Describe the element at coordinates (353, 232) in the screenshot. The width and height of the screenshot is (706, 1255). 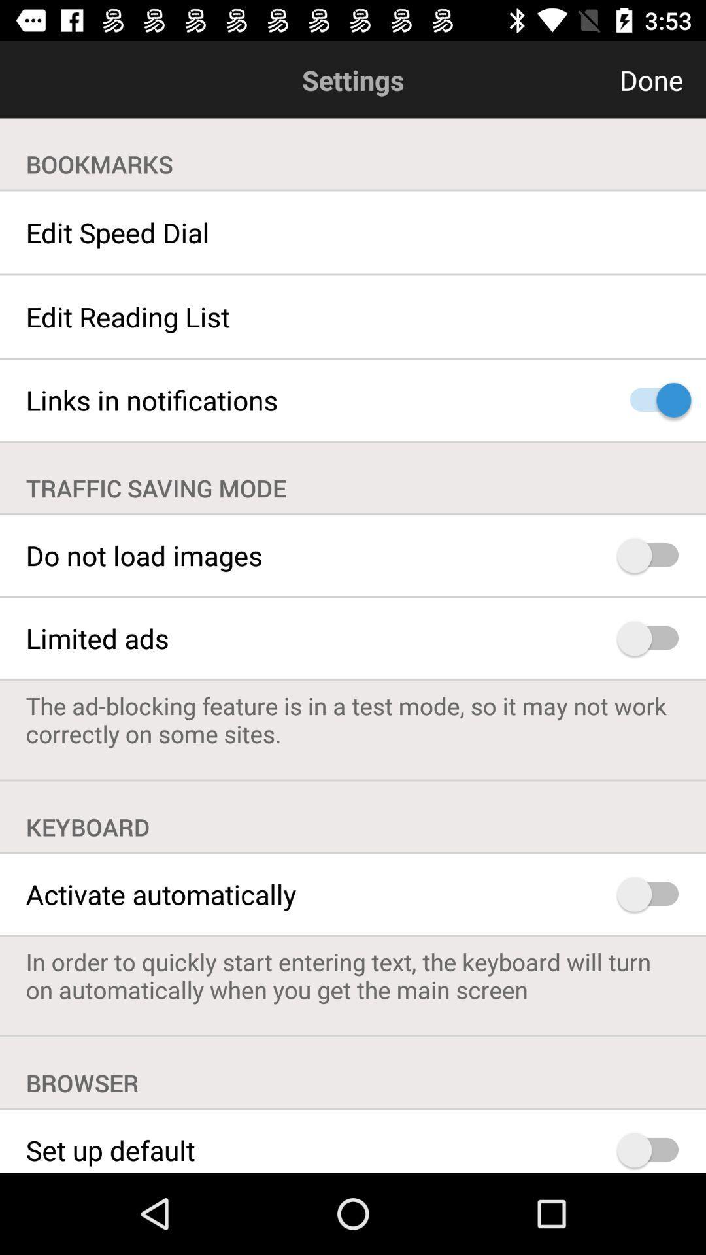
I see `the button above edit reading list icon` at that location.